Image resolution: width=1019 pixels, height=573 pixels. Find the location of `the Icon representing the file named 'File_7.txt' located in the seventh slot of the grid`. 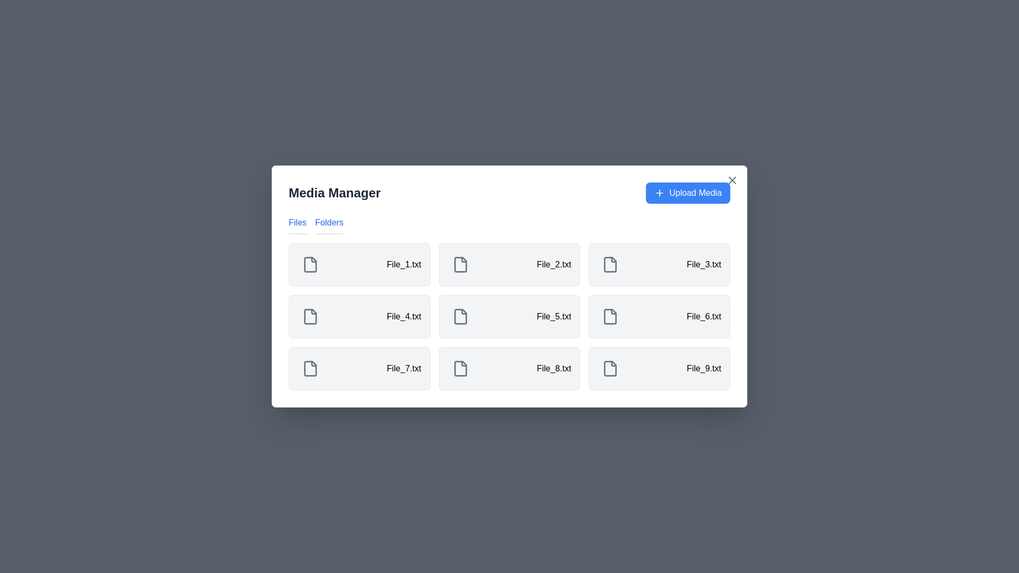

the Icon representing the file named 'File_7.txt' located in the seventh slot of the grid is located at coordinates (310, 368).